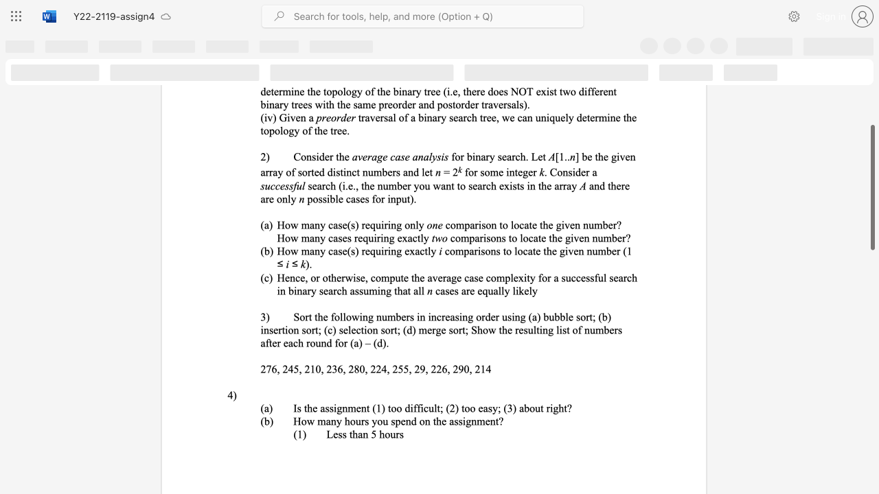  I want to click on the scrollbar and move down 40 pixels, so click(871, 187).